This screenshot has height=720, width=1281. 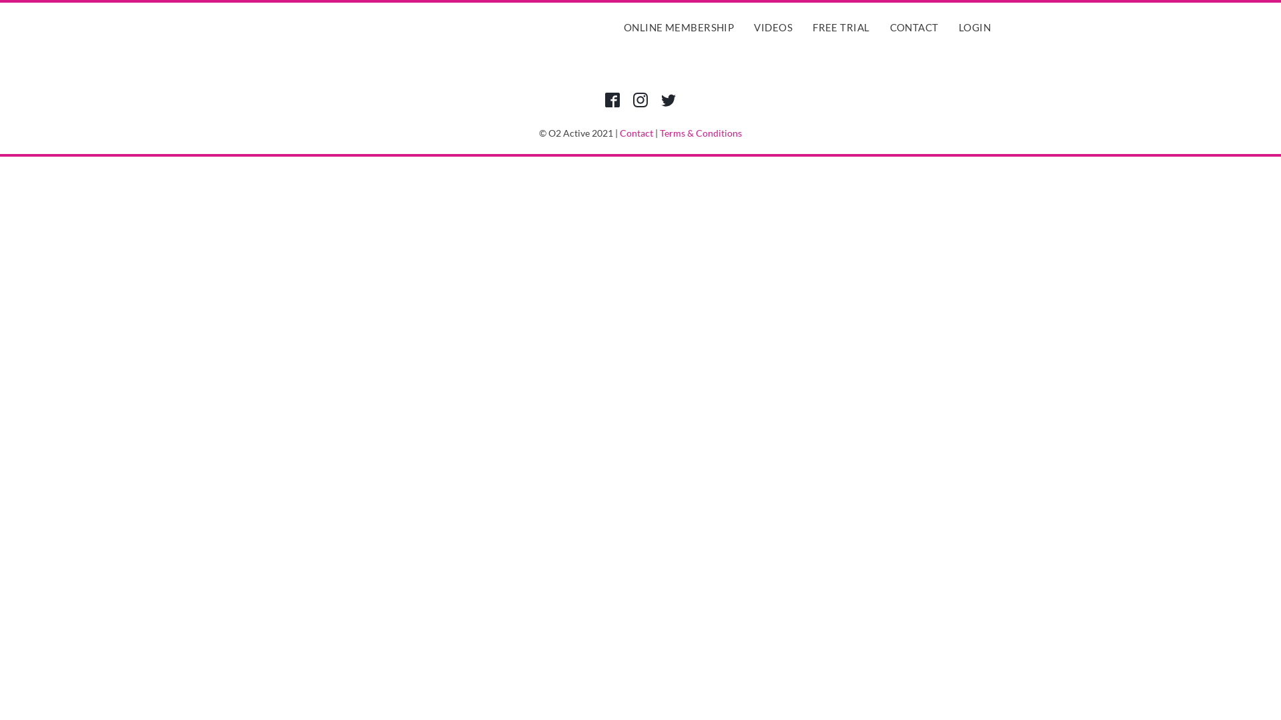 What do you see at coordinates (954, 27) in the screenshot?
I see `'LOGIN'` at bounding box center [954, 27].